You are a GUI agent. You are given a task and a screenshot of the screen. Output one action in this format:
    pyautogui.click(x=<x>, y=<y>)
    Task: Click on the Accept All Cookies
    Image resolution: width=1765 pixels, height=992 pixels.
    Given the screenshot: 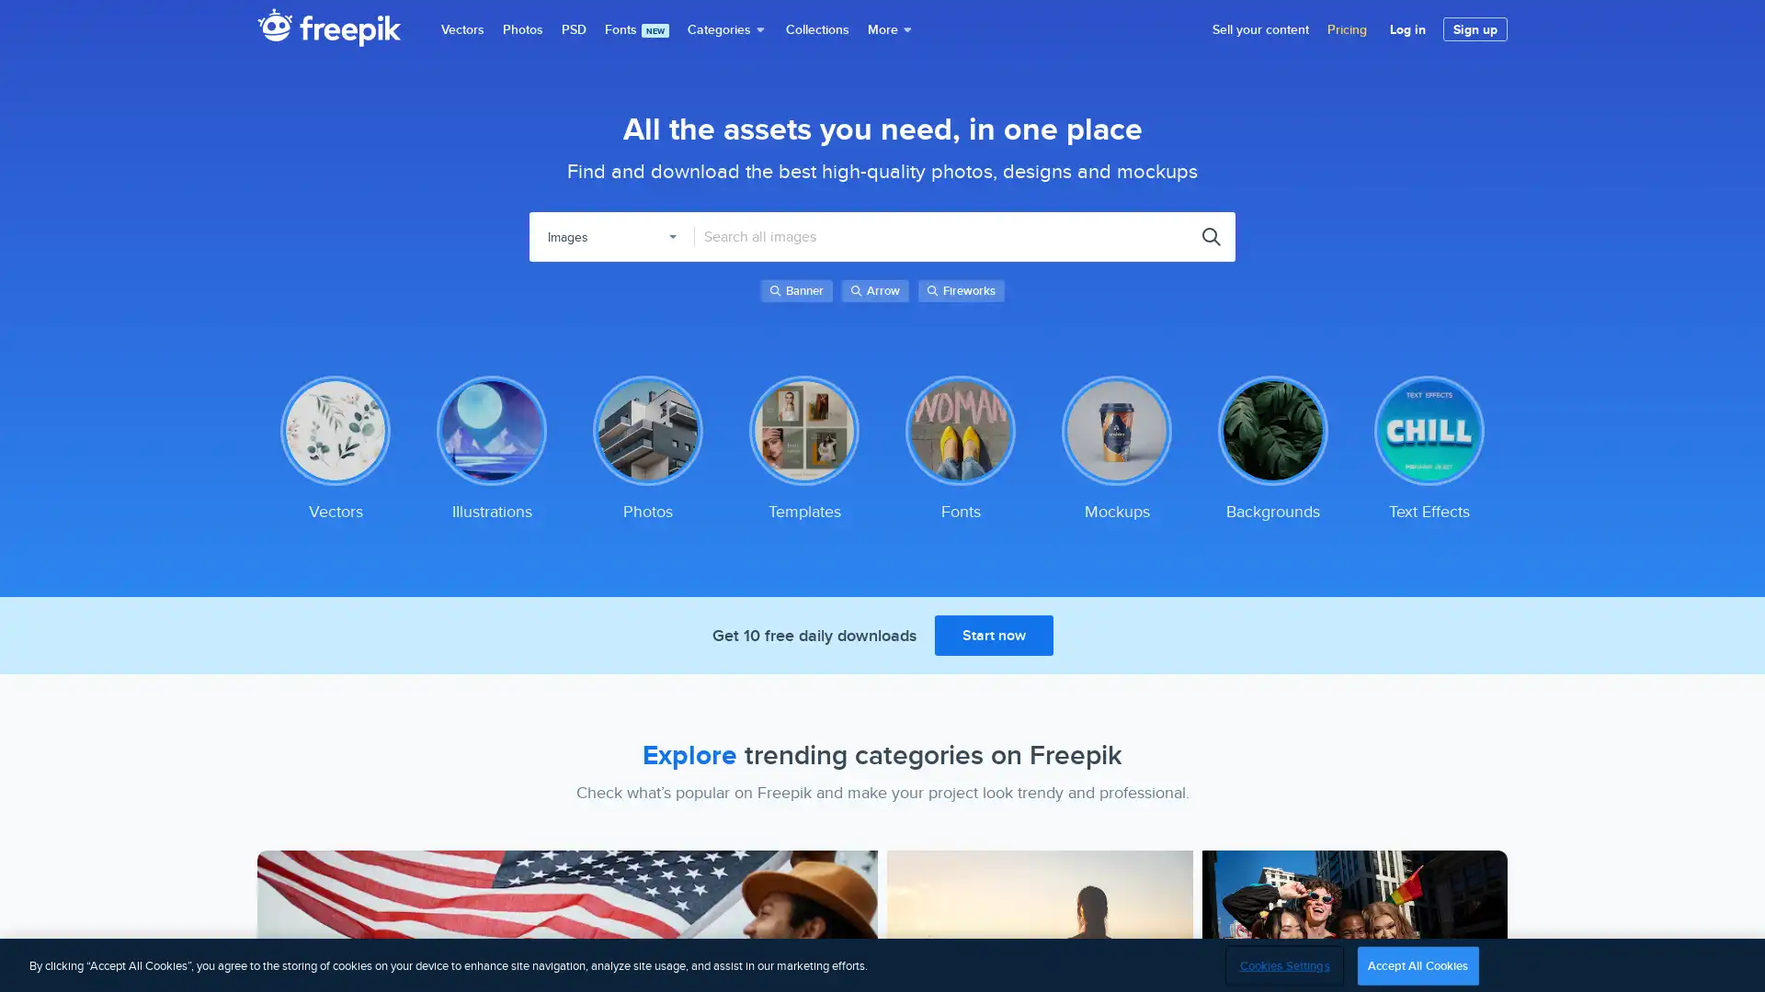 What is the action you would take?
    pyautogui.click(x=1417, y=960)
    